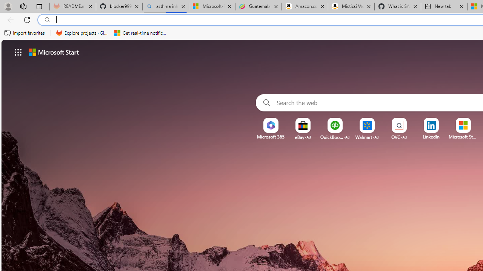  What do you see at coordinates (53, 52) in the screenshot?
I see `'Microsoft start'` at bounding box center [53, 52].